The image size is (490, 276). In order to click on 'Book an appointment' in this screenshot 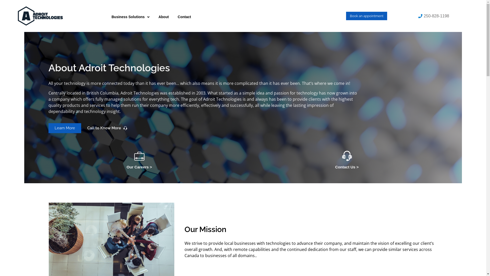, I will do `click(366, 16)`.